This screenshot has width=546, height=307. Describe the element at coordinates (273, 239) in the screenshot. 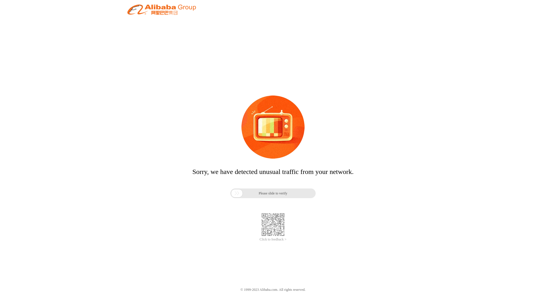

I see `'Click to feedback >'` at that location.